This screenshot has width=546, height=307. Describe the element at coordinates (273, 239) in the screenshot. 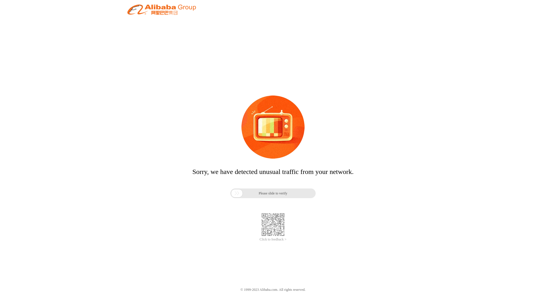

I see `'Click to feedback >'` at that location.